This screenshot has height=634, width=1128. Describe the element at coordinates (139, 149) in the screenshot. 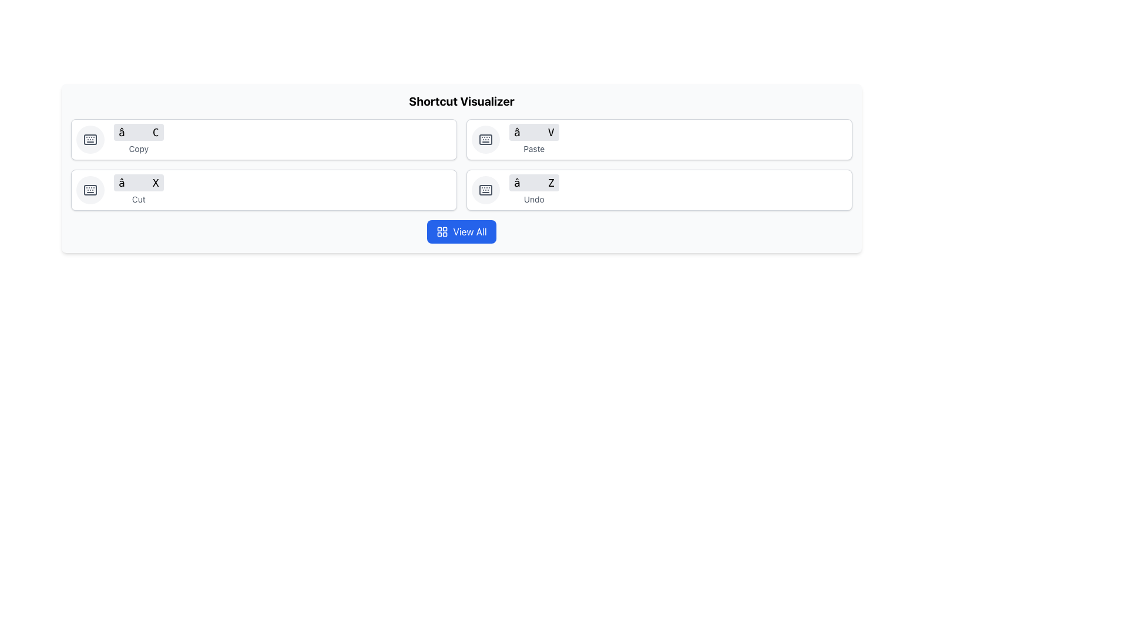

I see `the text label saying 'Copy', which has a smaller grayed-out font and is positioned directly below the shortcut combination '⌘ C'` at that location.